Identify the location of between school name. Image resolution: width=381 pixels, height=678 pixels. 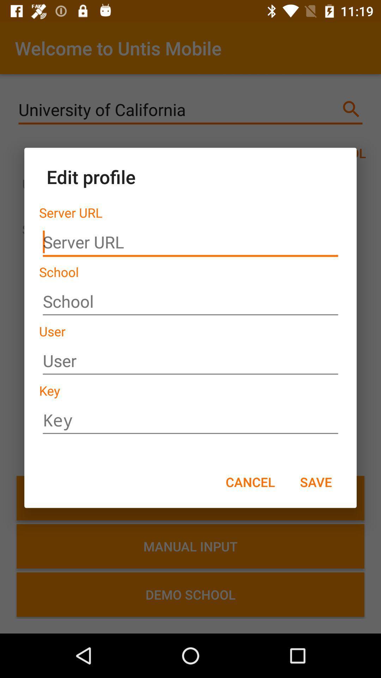
(190, 302).